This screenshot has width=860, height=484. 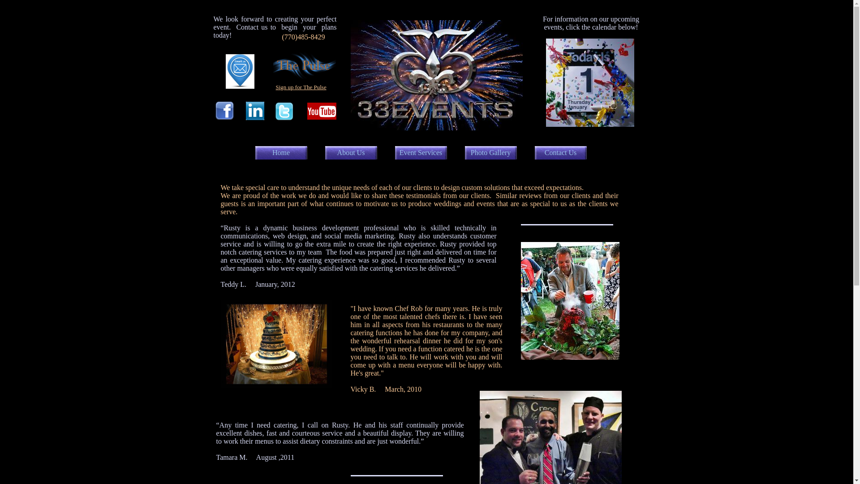 I want to click on 'Contact Us', so click(x=560, y=152).